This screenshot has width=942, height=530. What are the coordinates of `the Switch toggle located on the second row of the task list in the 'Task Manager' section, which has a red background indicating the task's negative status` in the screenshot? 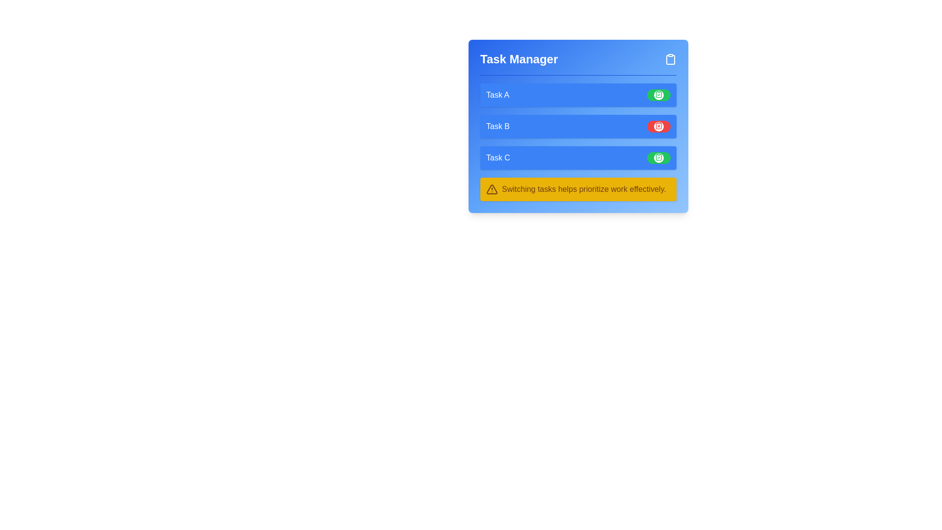 It's located at (659, 126).